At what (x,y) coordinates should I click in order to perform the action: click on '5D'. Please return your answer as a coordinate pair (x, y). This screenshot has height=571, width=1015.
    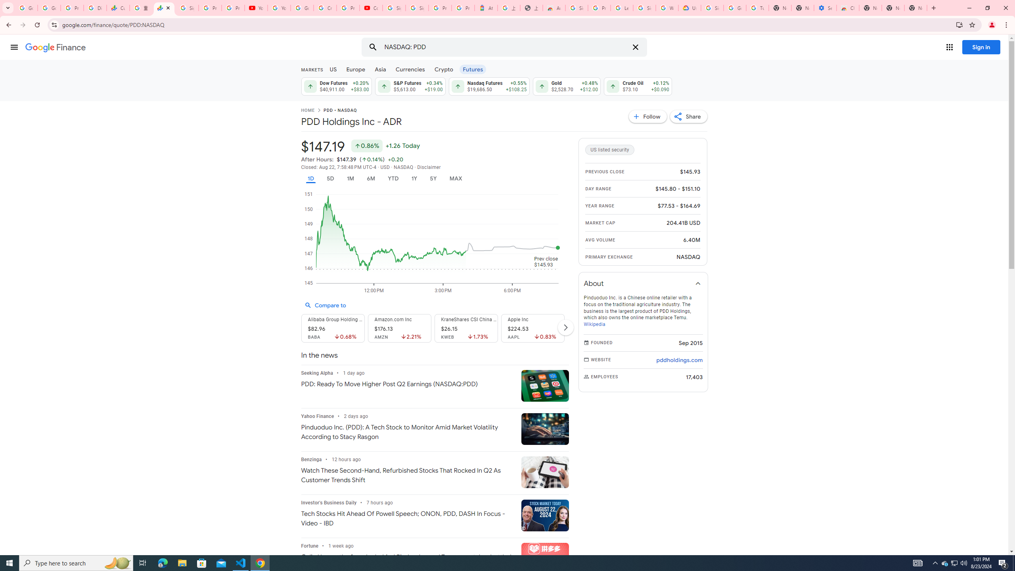
    Looking at the image, I should click on (330, 178).